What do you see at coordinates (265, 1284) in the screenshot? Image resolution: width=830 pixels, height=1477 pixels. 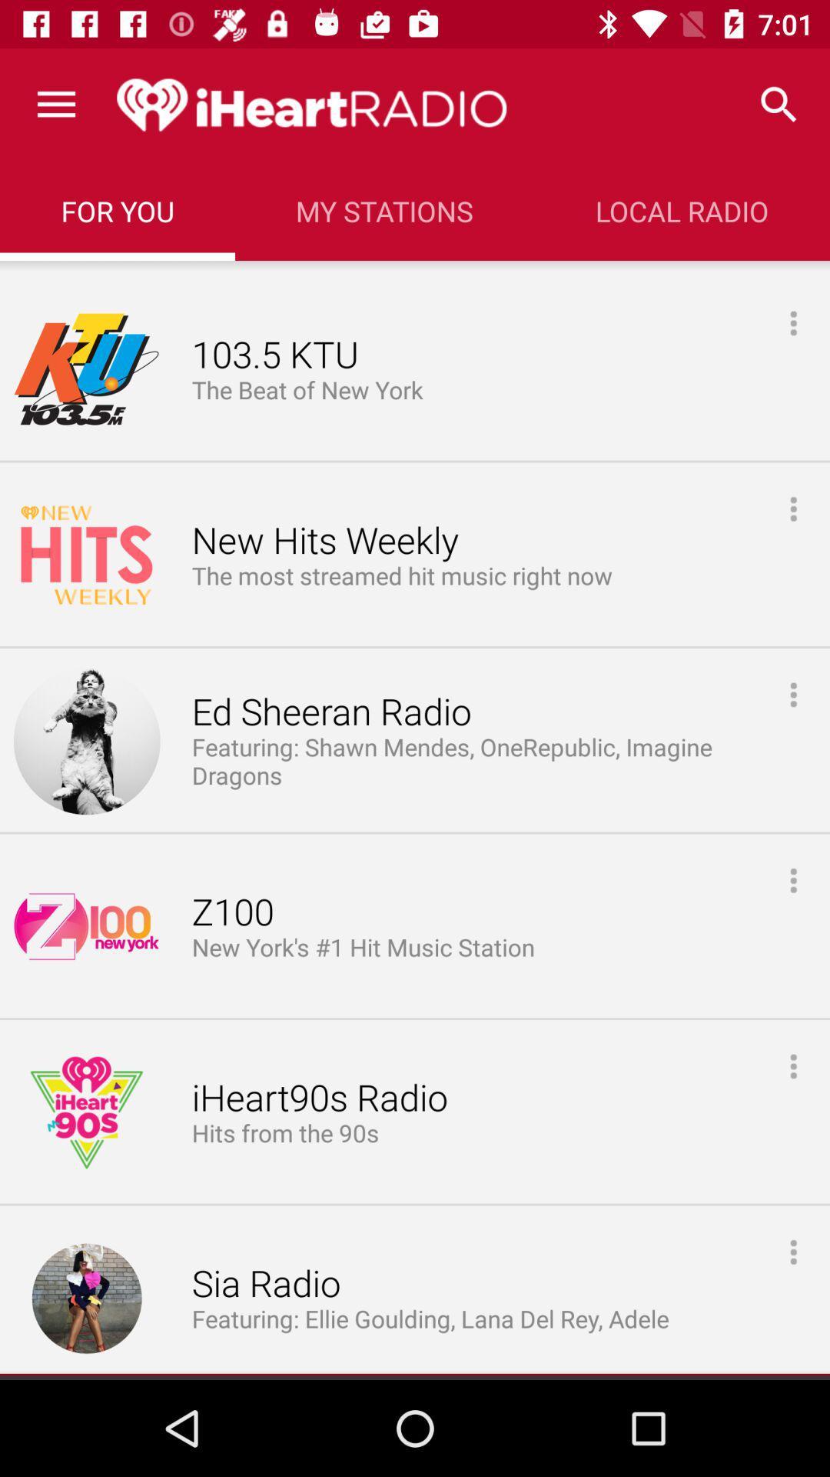 I see `the sia radio icon` at bounding box center [265, 1284].